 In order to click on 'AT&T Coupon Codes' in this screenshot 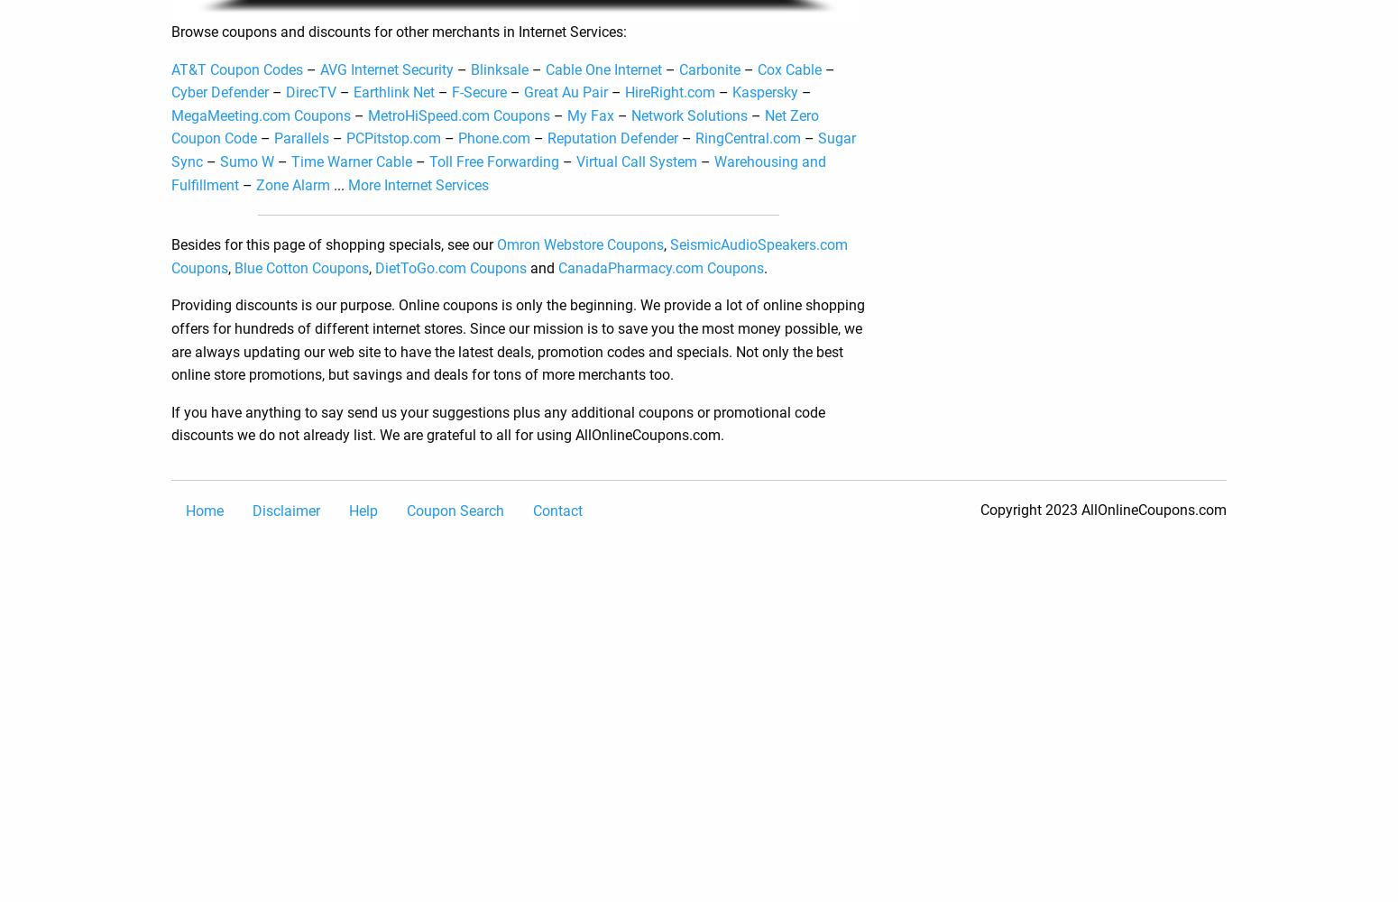, I will do `click(237, 68)`.